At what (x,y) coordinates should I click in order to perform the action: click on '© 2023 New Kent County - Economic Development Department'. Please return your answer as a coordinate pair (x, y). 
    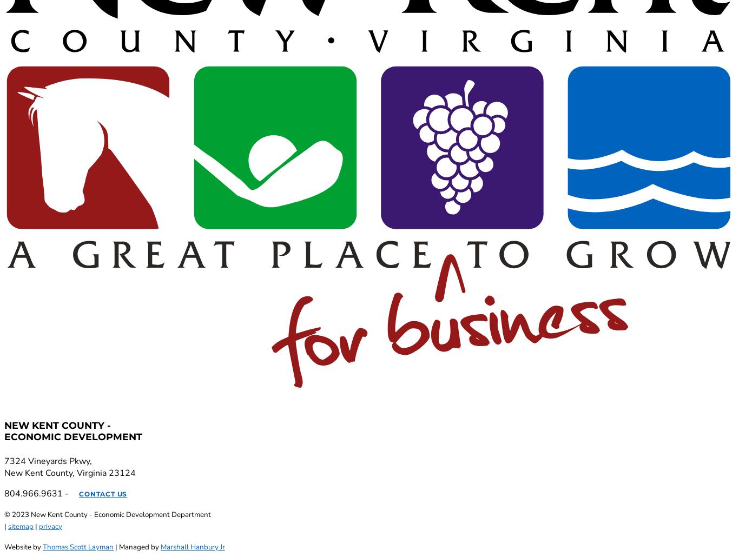
    Looking at the image, I should click on (107, 513).